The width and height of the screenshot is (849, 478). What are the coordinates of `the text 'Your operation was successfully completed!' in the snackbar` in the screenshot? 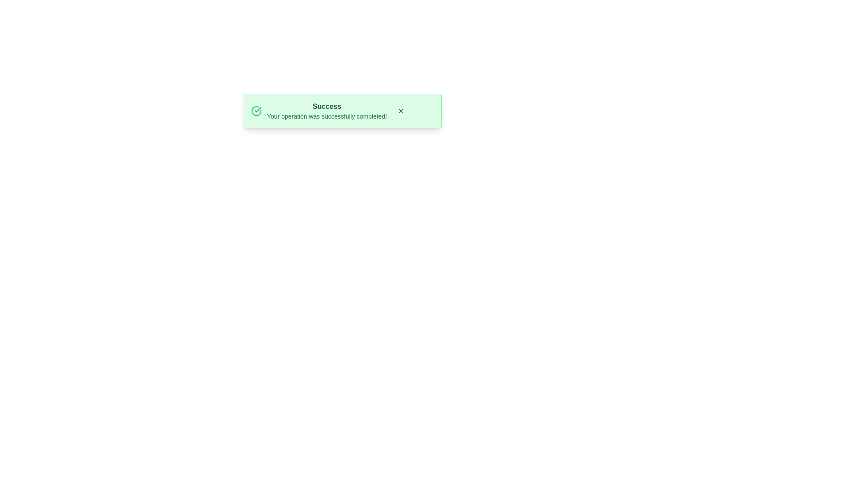 It's located at (326, 116).